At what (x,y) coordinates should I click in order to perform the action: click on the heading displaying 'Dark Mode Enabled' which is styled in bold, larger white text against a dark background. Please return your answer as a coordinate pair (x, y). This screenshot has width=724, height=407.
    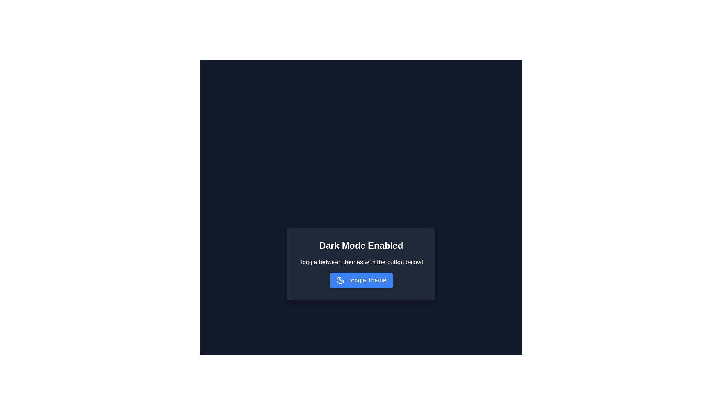
    Looking at the image, I should click on (361, 245).